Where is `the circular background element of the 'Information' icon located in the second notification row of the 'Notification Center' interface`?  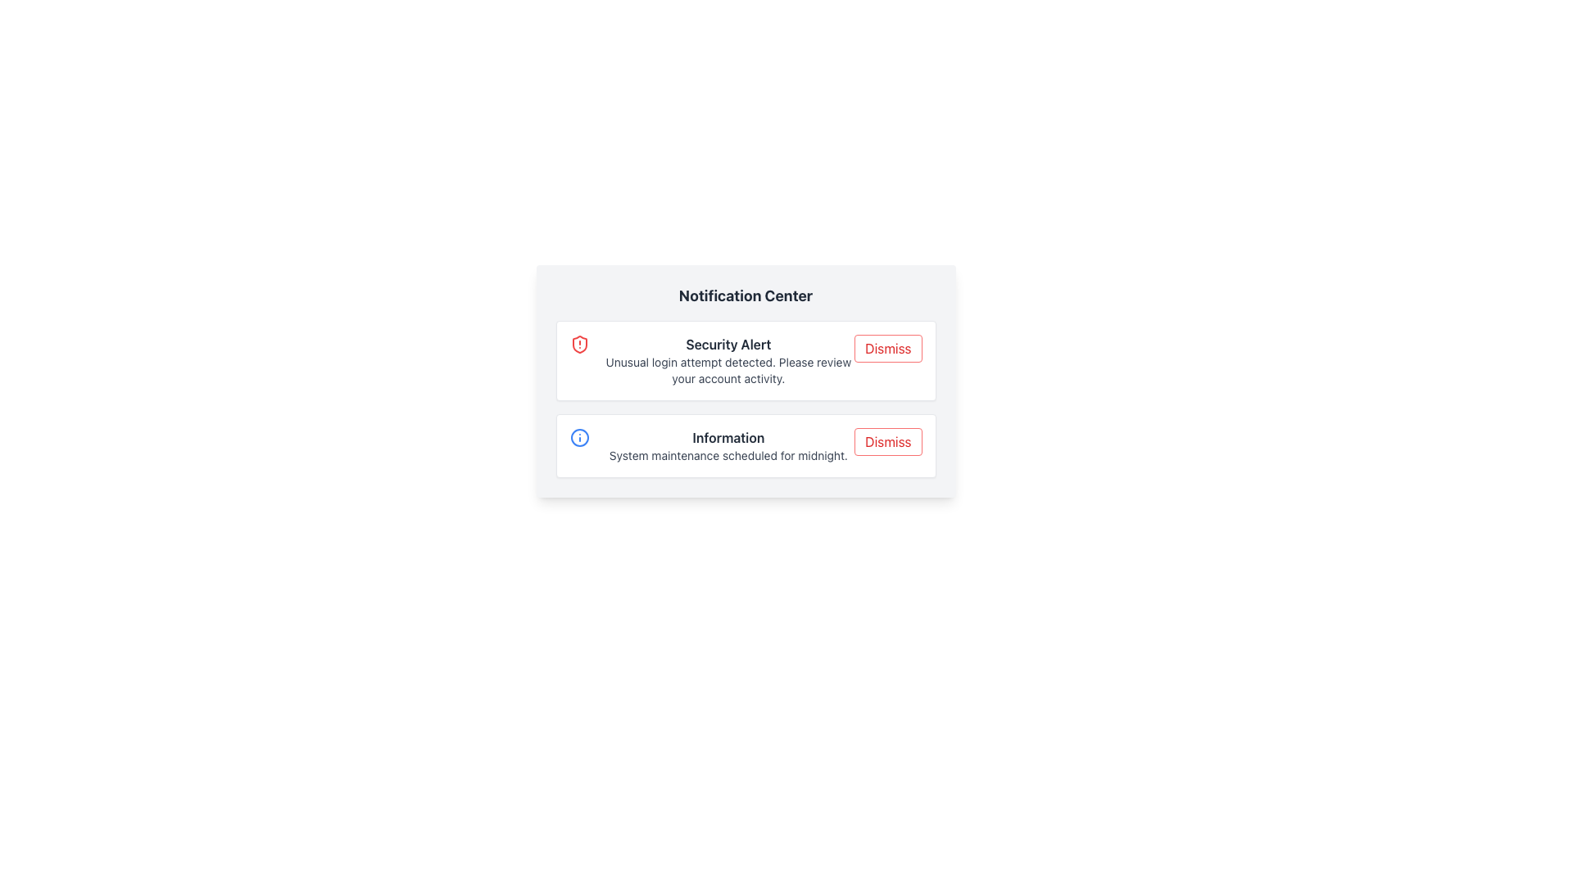 the circular background element of the 'Information' icon located in the second notification row of the 'Notification Center' interface is located at coordinates (579, 437).